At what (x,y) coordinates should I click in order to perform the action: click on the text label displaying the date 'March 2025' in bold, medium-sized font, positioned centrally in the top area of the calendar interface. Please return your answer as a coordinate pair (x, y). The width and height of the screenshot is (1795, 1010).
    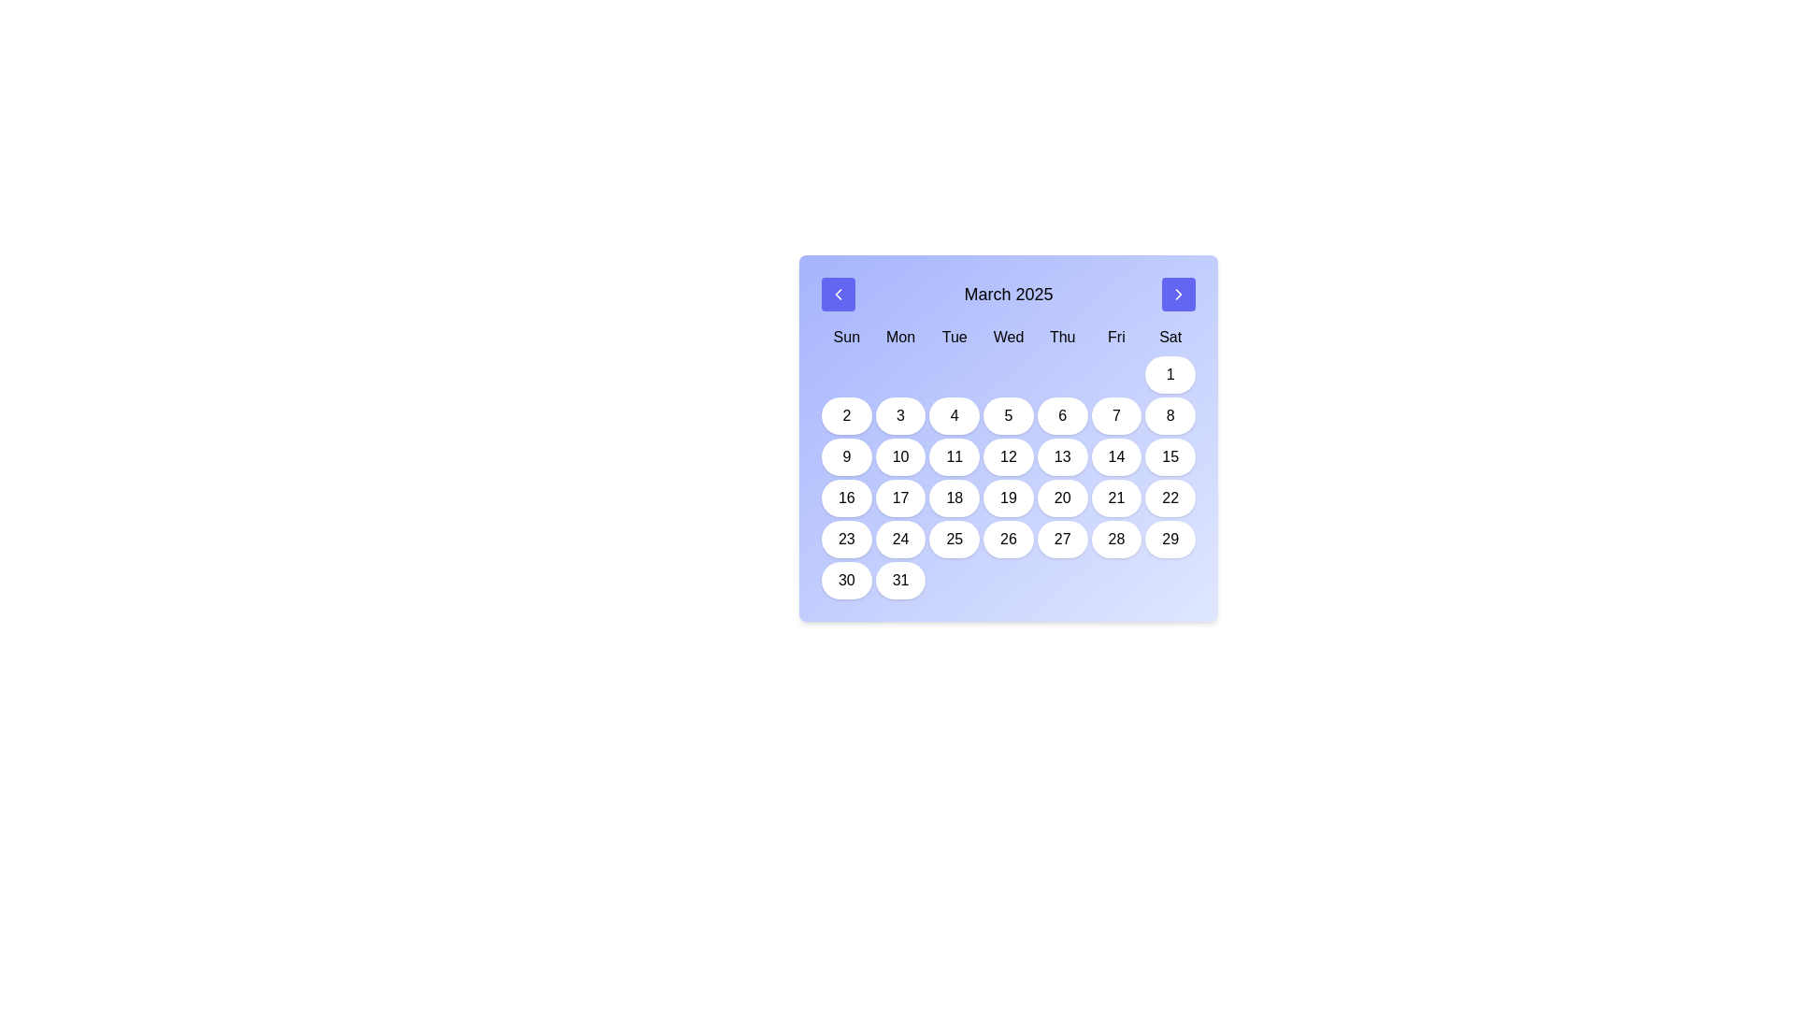
    Looking at the image, I should click on (1008, 295).